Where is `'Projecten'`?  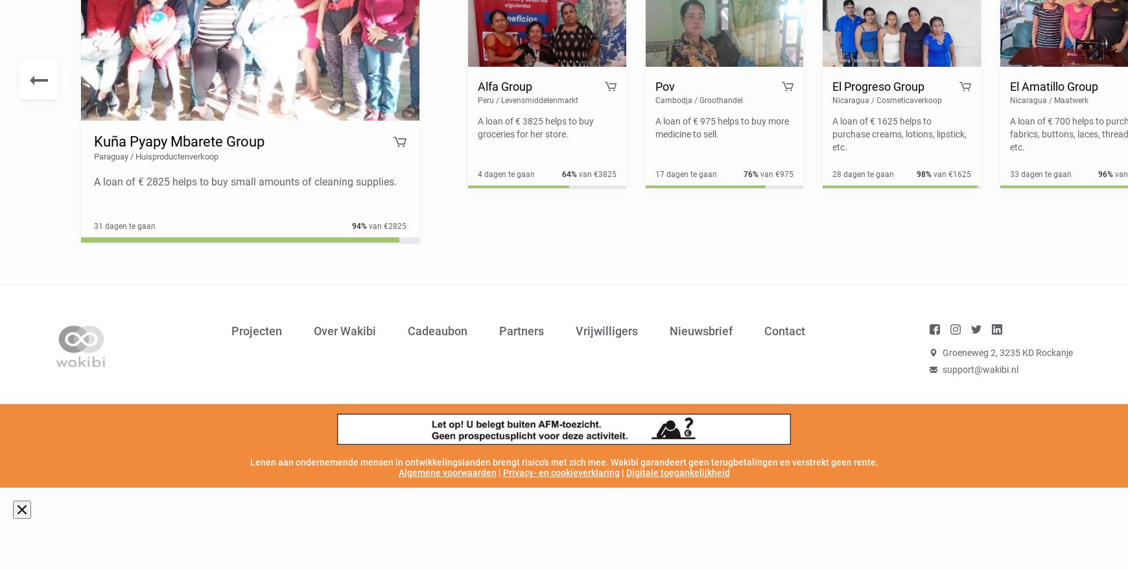 'Projecten' is located at coordinates (231, 330).